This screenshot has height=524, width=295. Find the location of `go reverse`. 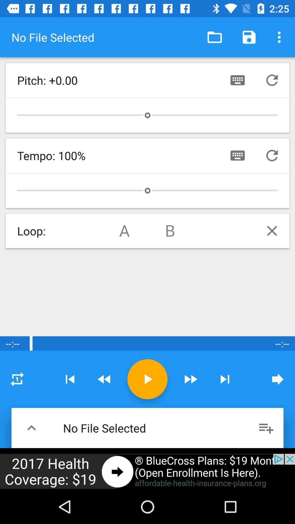

go reverse is located at coordinates (104, 379).